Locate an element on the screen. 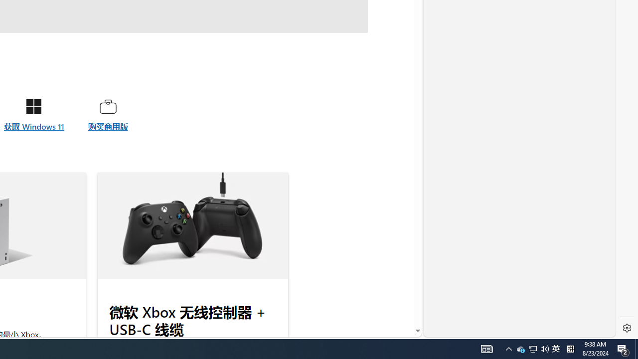  'Settings' is located at coordinates (627, 328).